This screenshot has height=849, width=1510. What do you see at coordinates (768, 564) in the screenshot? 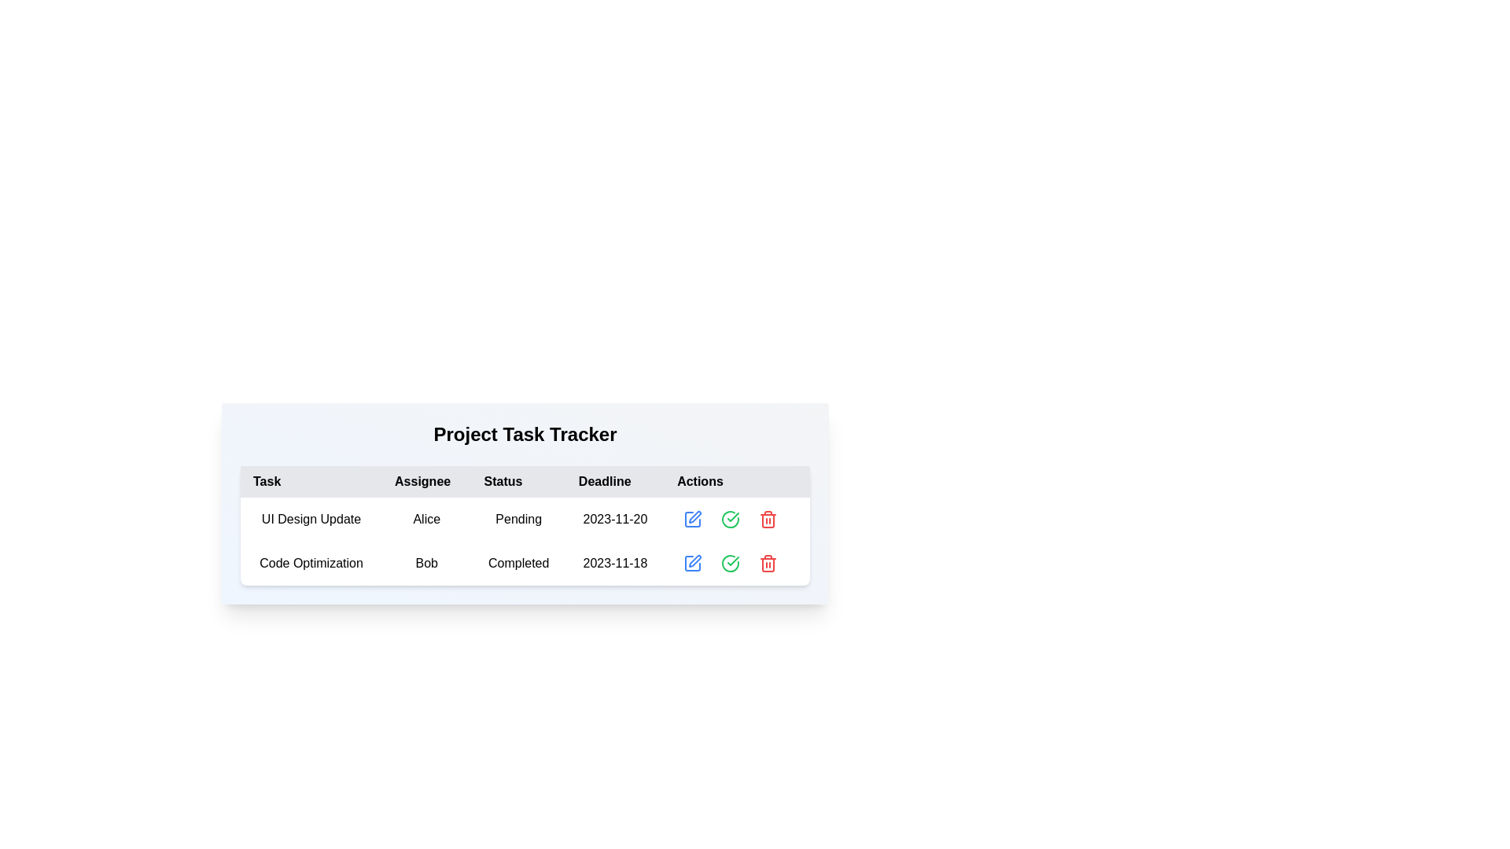
I see `the outer vertical rectangular section of the trash icon located in the 'Actions' column of the second row in the table` at bounding box center [768, 564].